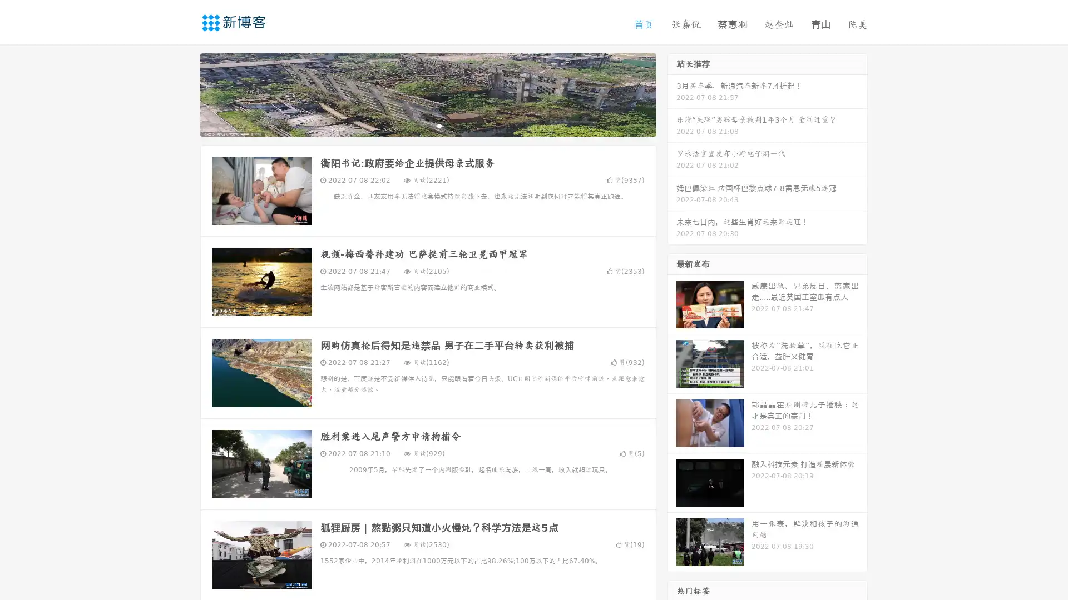 The image size is (1068, 600). What do you see at coordinates (427, 125) in the screenshot?
I see `Go to slide 2` at bounding box center [427, 125].